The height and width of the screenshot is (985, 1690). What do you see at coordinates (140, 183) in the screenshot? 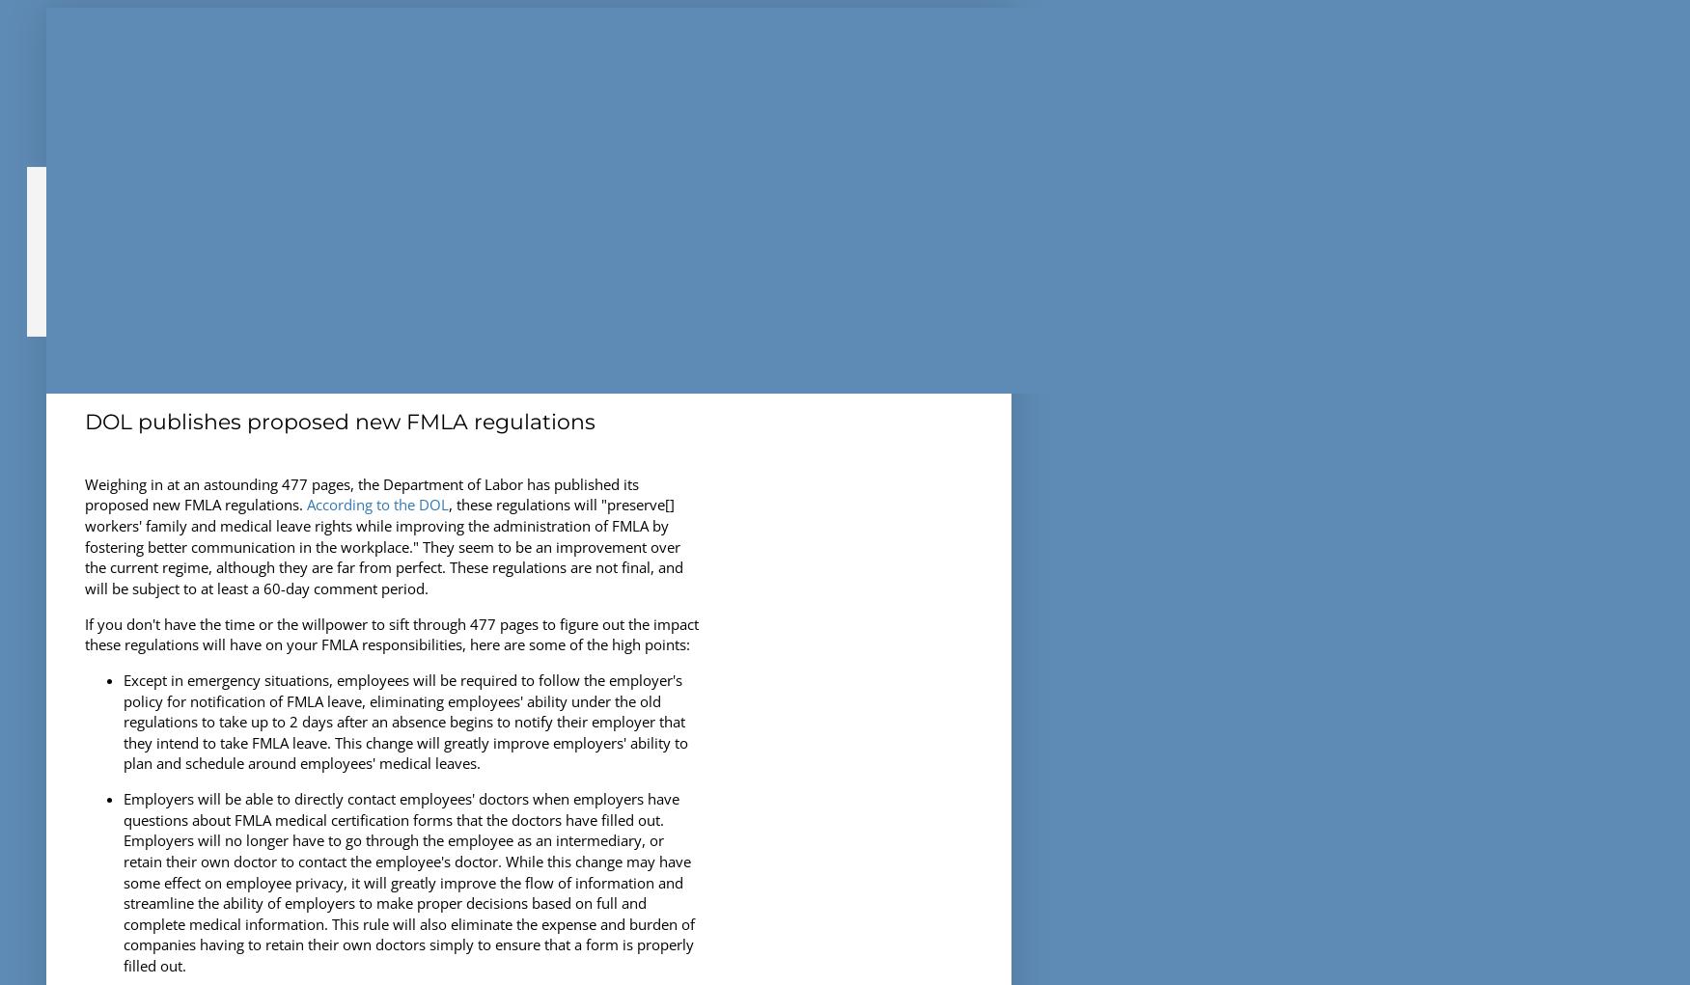
I see `'About Jon Hyman'` at bounding box center [140, 183].